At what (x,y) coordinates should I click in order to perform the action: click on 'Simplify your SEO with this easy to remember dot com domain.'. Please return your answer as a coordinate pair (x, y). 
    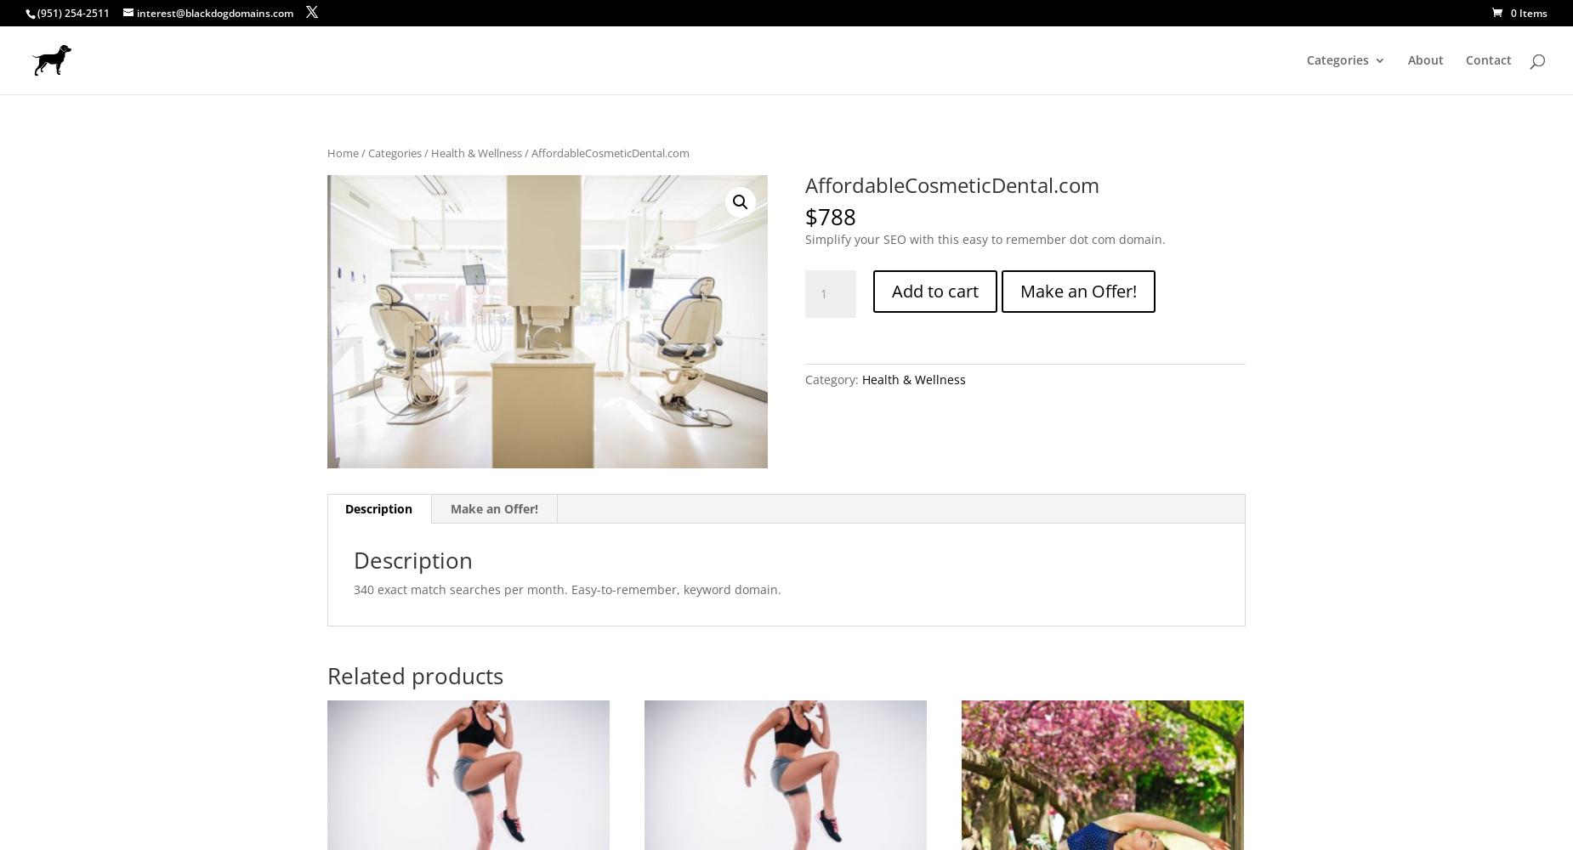
    Looking at the image, I should click on (804, 239).